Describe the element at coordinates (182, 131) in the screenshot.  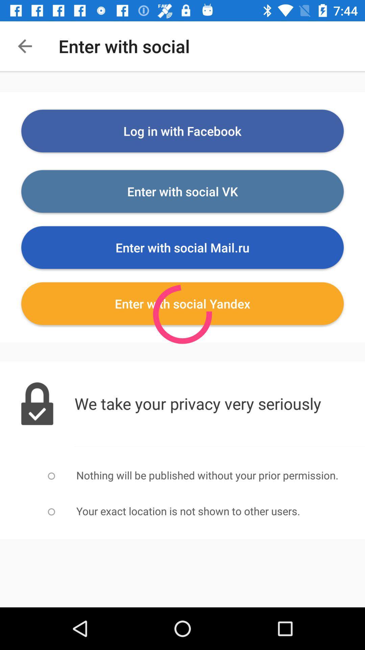
I see `log in with` at that location.